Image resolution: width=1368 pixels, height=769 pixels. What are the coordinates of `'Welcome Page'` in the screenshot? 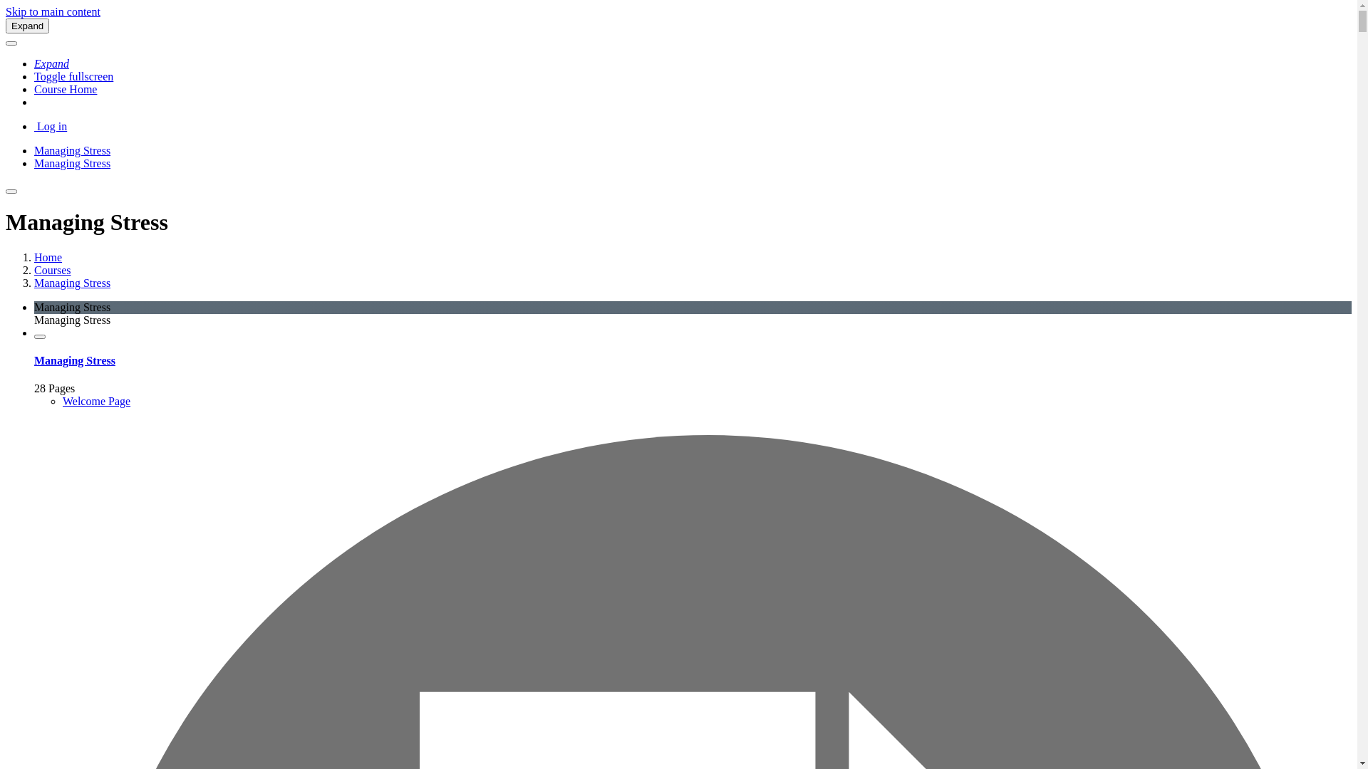 It's located at (95, 401).